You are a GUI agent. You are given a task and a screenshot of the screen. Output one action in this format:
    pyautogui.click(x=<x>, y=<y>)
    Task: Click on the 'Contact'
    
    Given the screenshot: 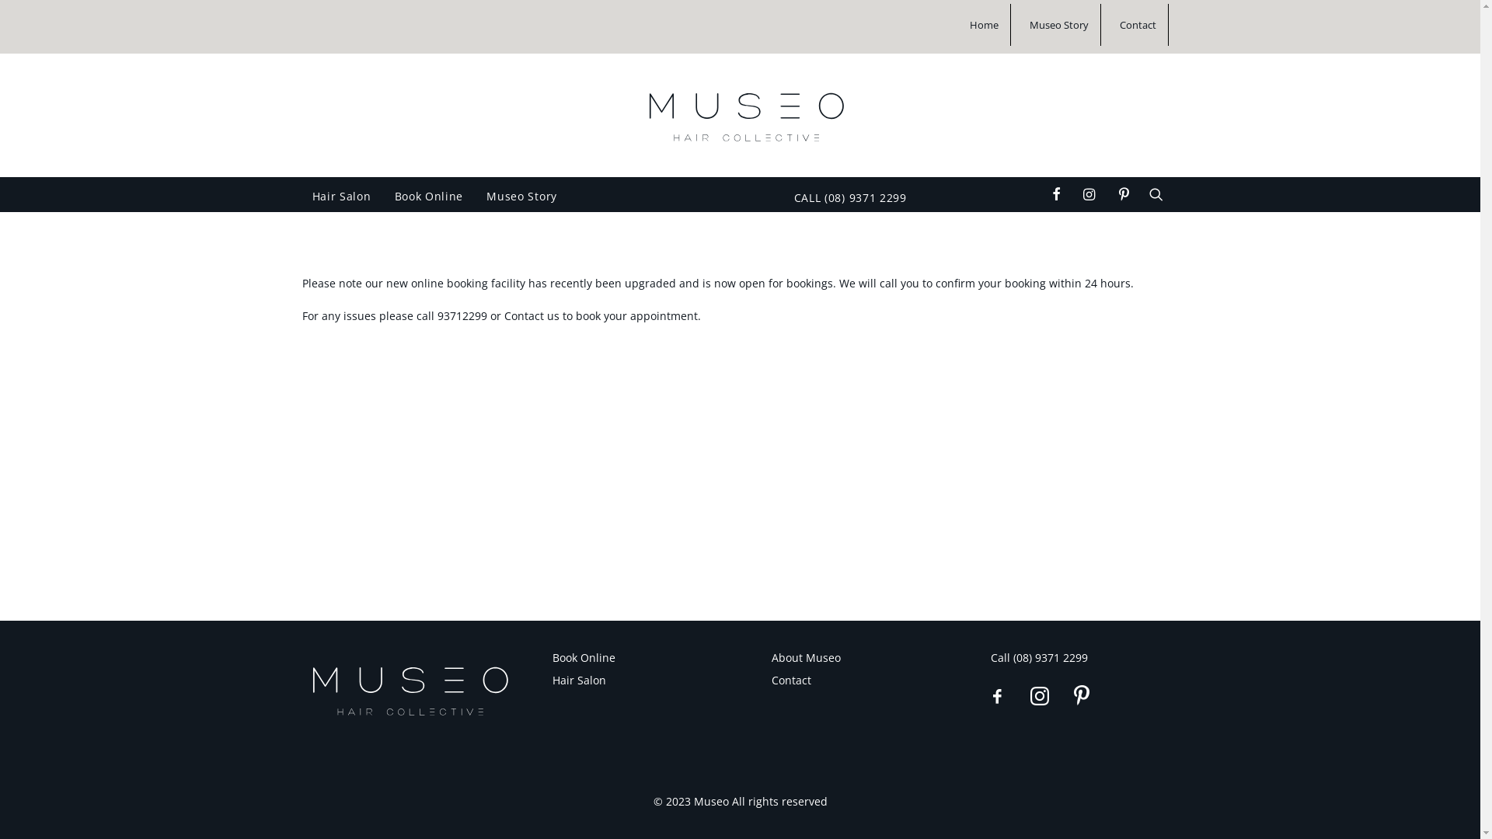 What is the action you would take?
    pyautogui.click(x=790, y=679)
    